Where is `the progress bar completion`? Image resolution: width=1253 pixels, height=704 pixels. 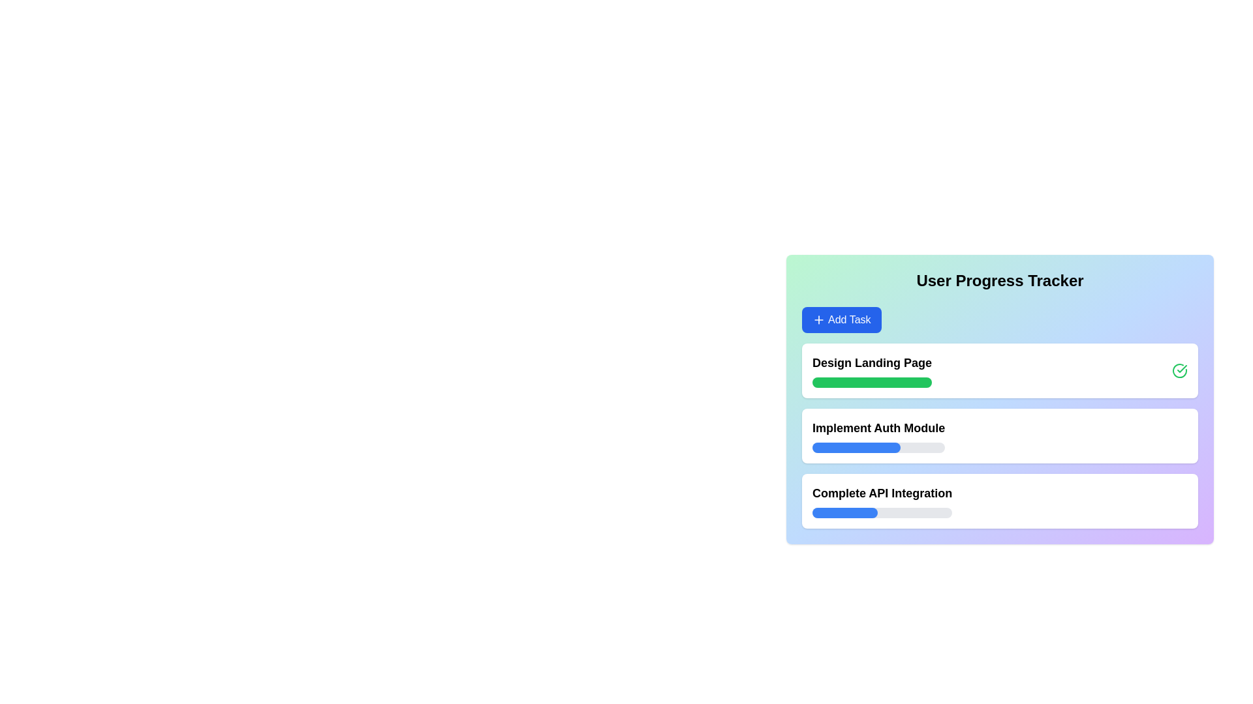
the progress bar completion is located at coordinates (866, 512).